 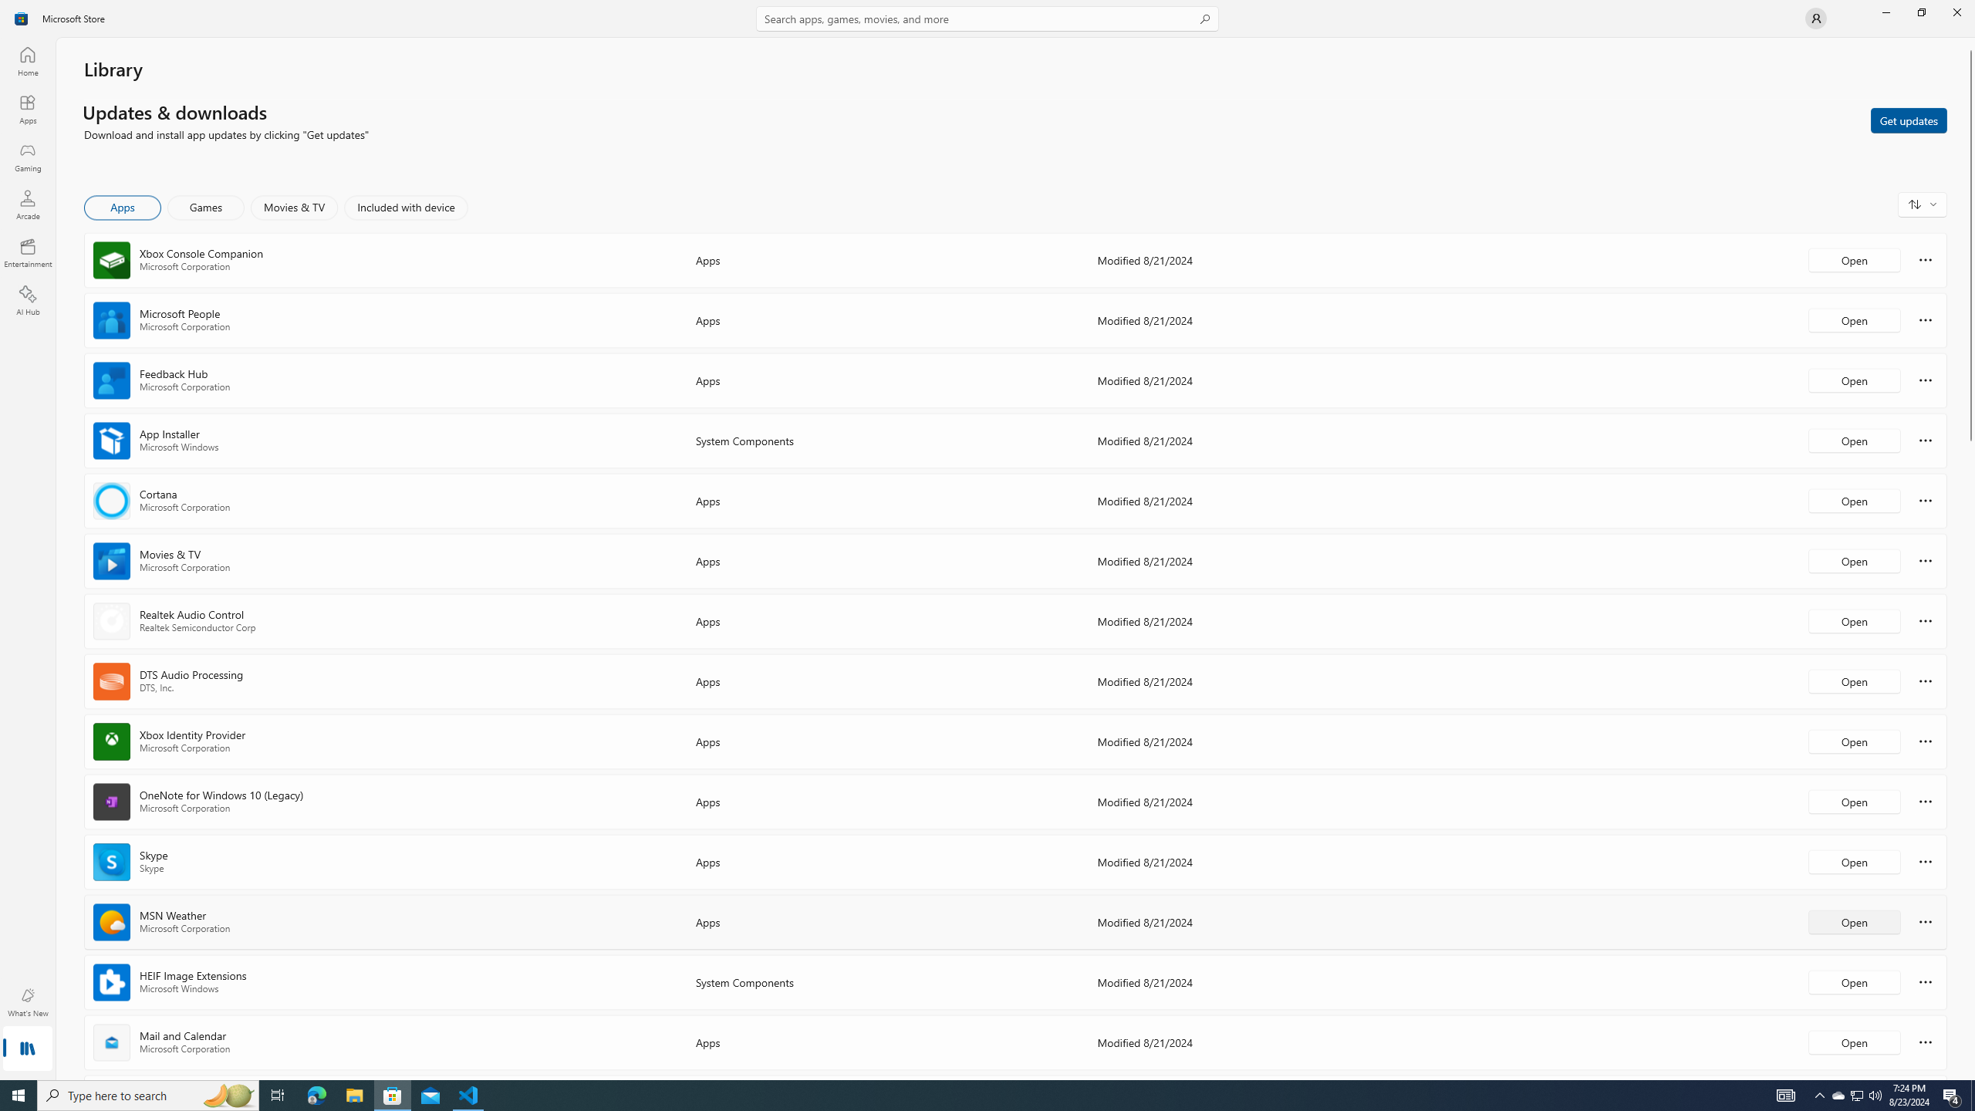 I want to click on 'Vertical Small Decrease', so click(x=1969, y=42).